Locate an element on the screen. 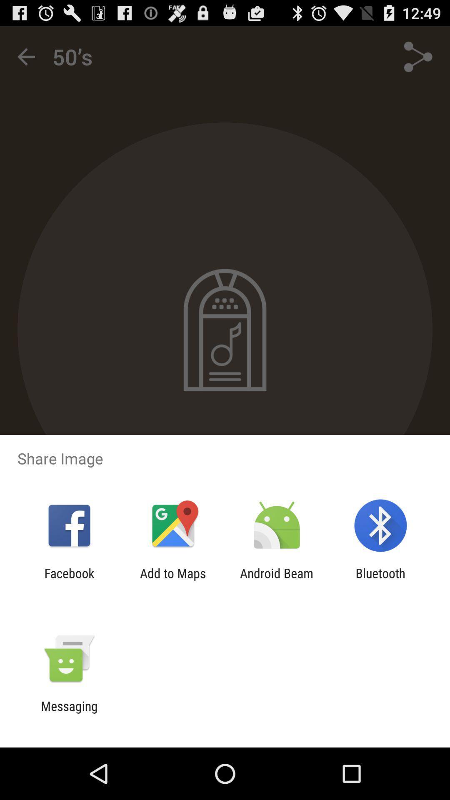 The image size is (450, 800). messaging app is located at coordinates (69, 713).